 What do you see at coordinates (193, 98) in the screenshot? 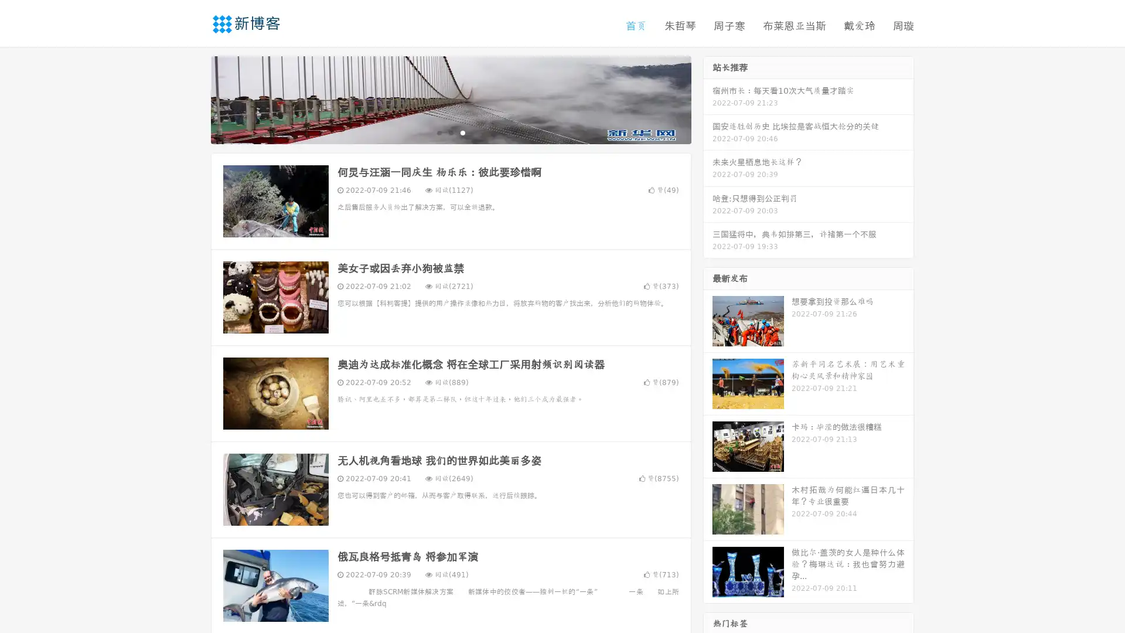
I see `Previous slide` at bounding box center [193, 98].